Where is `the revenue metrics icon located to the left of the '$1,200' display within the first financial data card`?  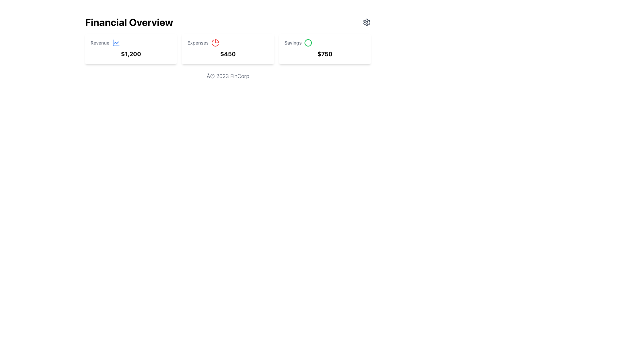
the revenue metrics icon located to the left of the '$1,200' display within the first financial data card is located at coordinates (116, 43).